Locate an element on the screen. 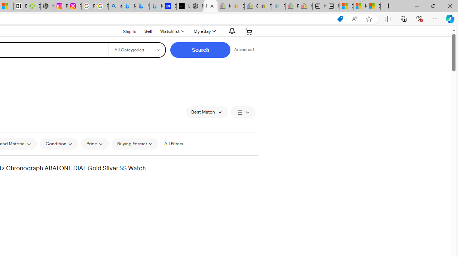 The width and height of the screenshot is (458, 257). 'Sell' is located at coordinates (148, 31).